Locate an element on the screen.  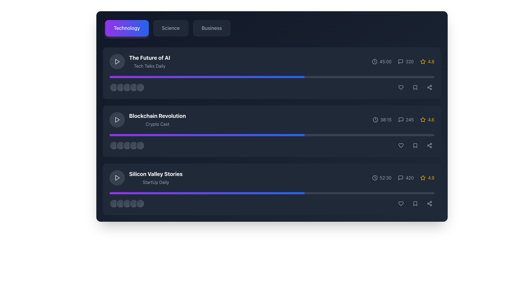
the numerical label displaying '4.6' with a bold yellow text style, which is located to the right of a star icon in the second content card of a vertically stacked list is located at coordinates (431, 119).